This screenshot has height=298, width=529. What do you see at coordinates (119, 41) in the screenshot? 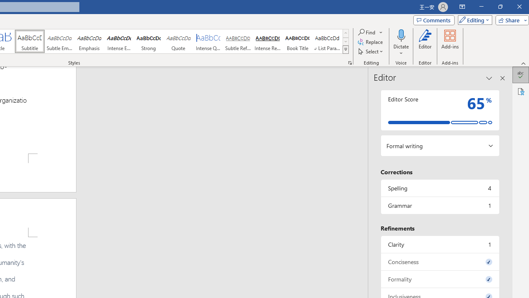
I see `'Intense Emphasis'` at bounding box center [119, 41].